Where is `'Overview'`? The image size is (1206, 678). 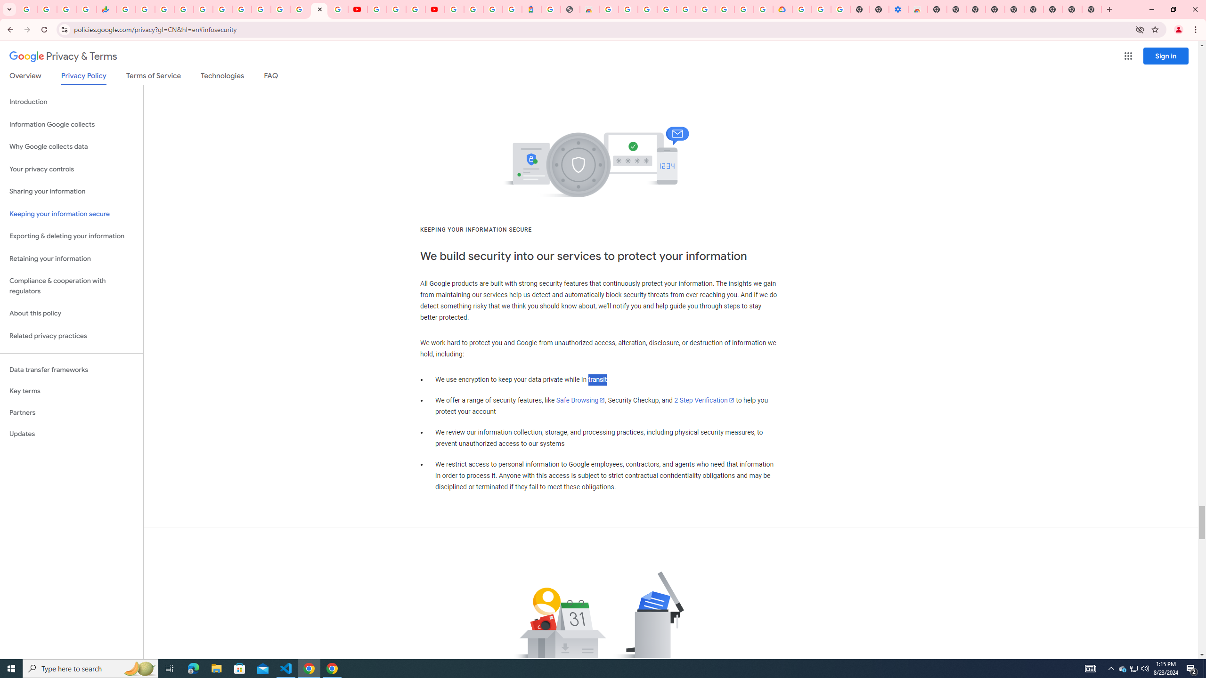 'Overview' is located at coordinates (24, 77).